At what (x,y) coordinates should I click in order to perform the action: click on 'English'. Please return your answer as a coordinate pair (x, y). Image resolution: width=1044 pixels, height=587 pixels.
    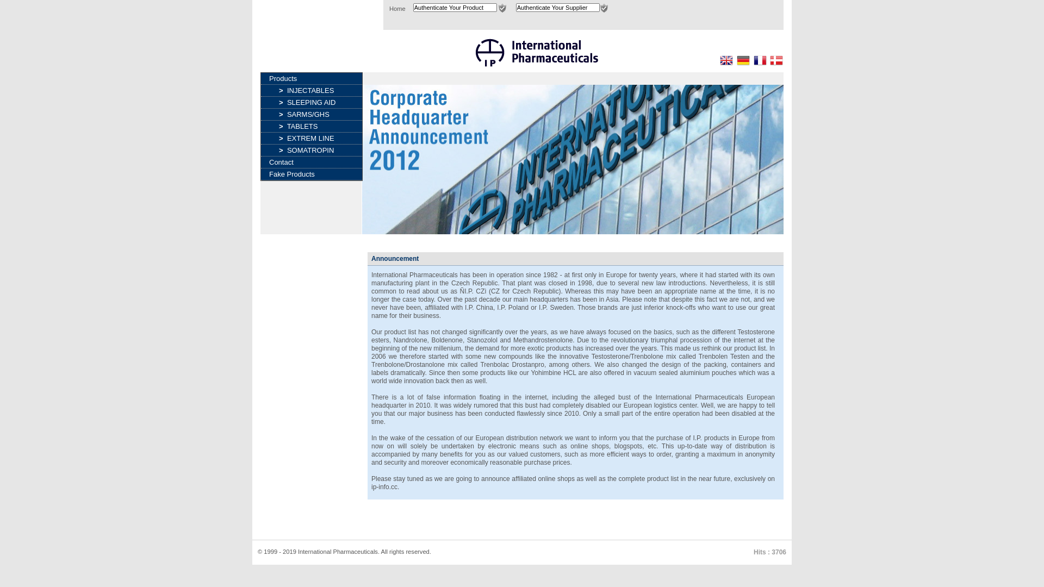
    Looking at the image, I should click on (726, 60).